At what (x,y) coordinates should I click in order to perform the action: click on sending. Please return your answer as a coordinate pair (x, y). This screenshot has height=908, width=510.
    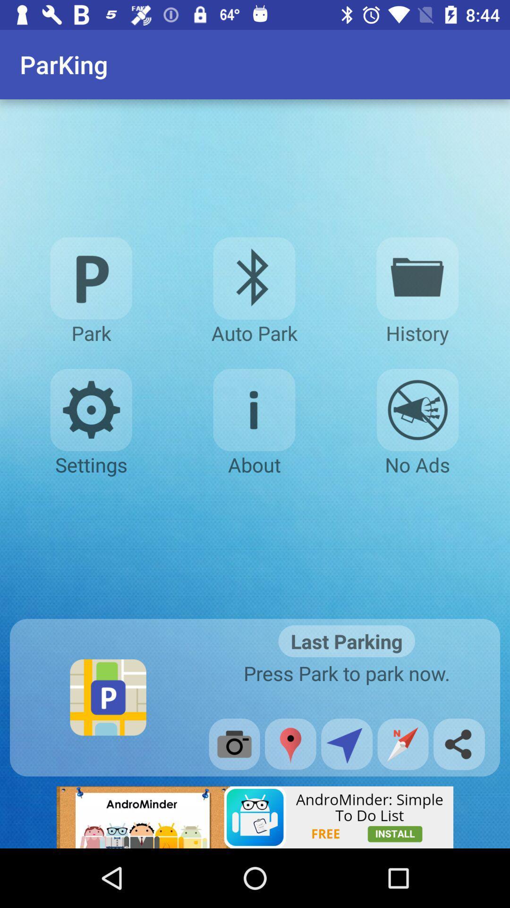
    Looking at the image, I should click on (347, 743).